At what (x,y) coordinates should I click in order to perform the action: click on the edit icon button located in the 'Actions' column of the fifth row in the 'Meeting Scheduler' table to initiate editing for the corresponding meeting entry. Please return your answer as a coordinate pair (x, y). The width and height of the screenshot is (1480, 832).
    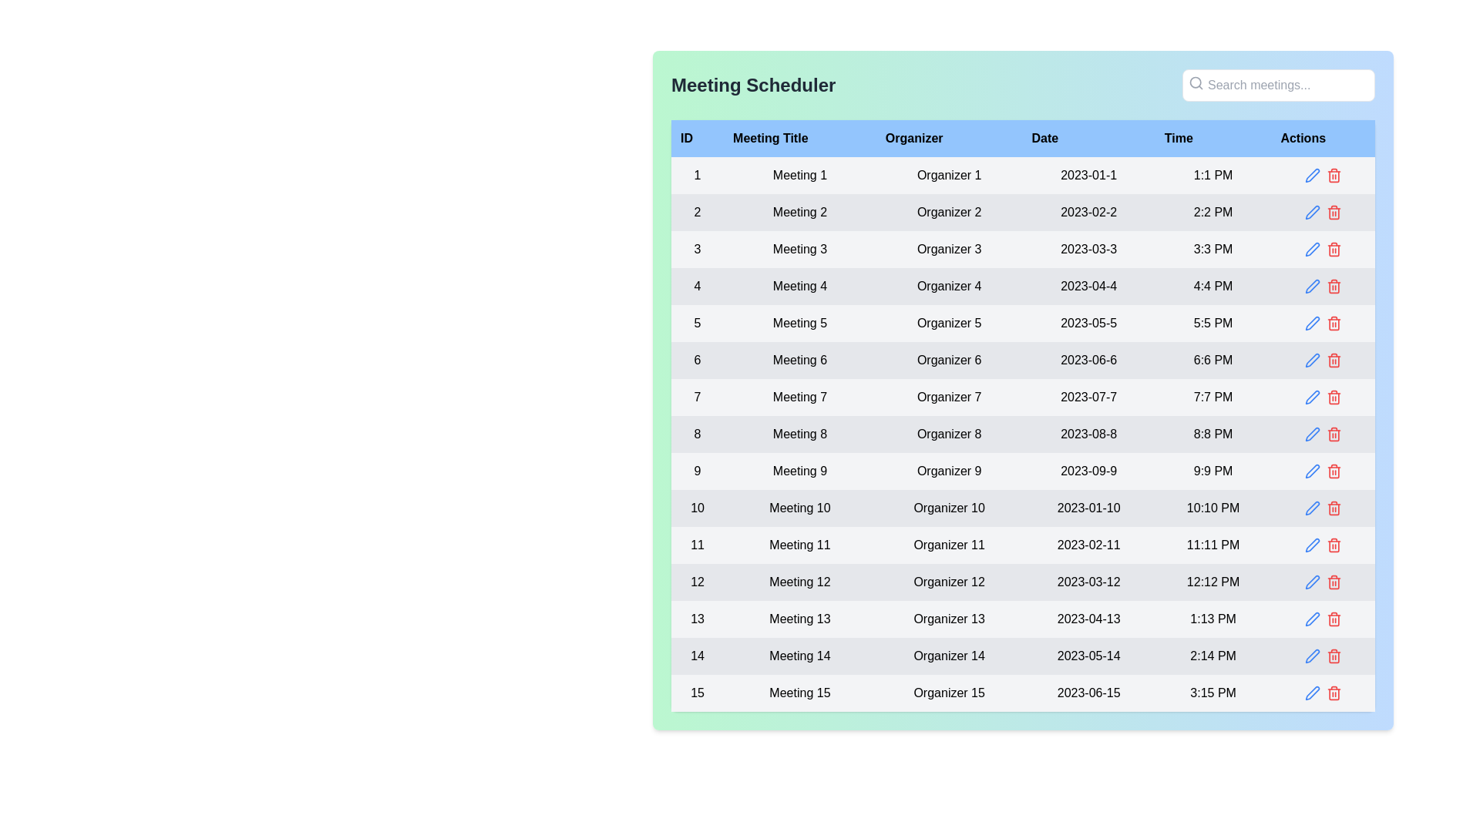
    Looking at the image, I should click on (1311, 323).